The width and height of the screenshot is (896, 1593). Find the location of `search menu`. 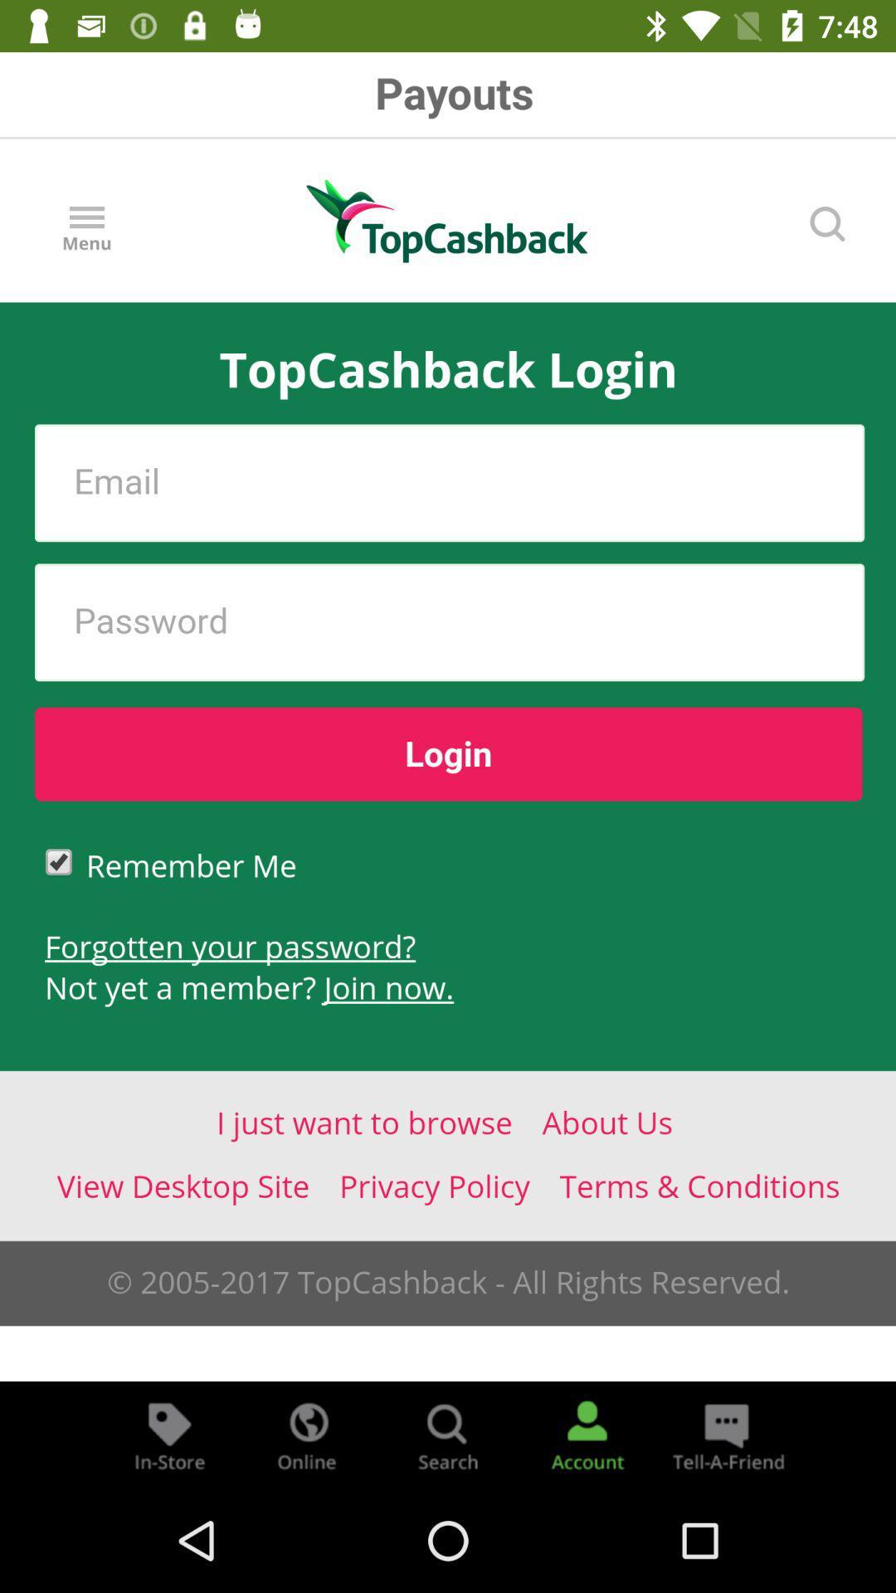

search menu is located at coordinates (448, 1434).